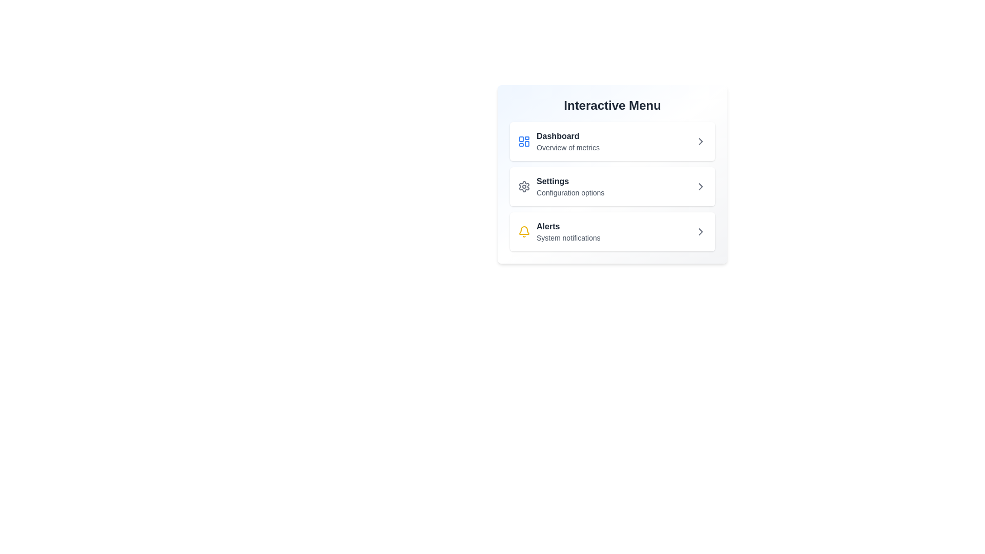 This screenshot has height=554, width=985. What do you see at coordinates (613, 231) in the screenshot?
I see `the third button in the vertical list of menu cards` at bounding box center [613, 231].